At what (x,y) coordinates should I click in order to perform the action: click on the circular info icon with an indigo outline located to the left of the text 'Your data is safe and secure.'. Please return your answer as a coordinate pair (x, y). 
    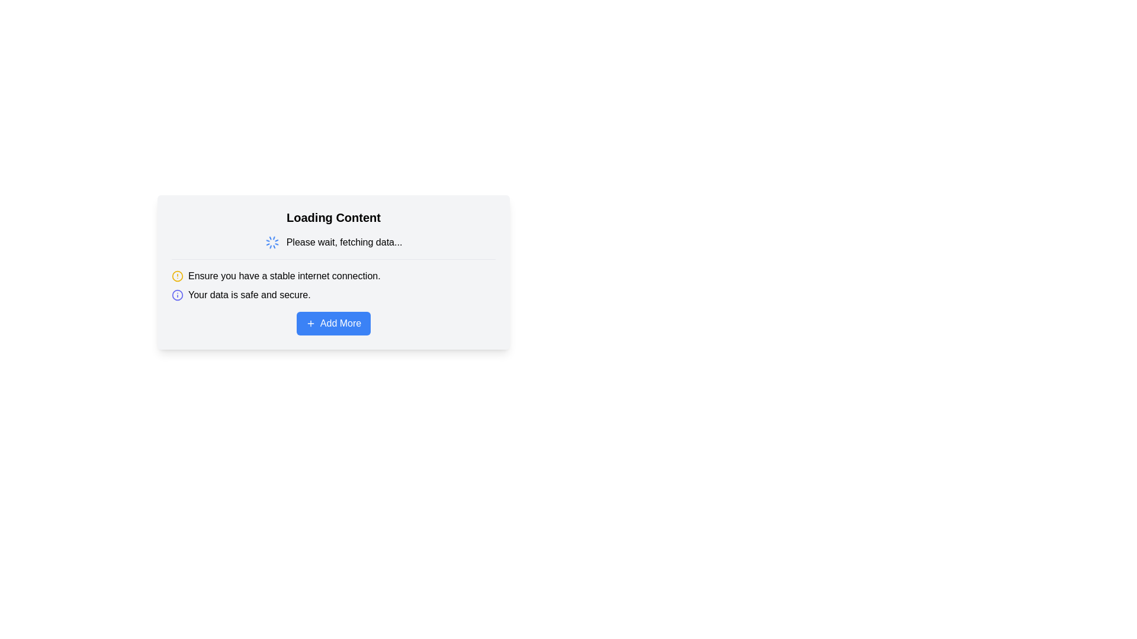
    Looking at the image, I should click on (176, 294).